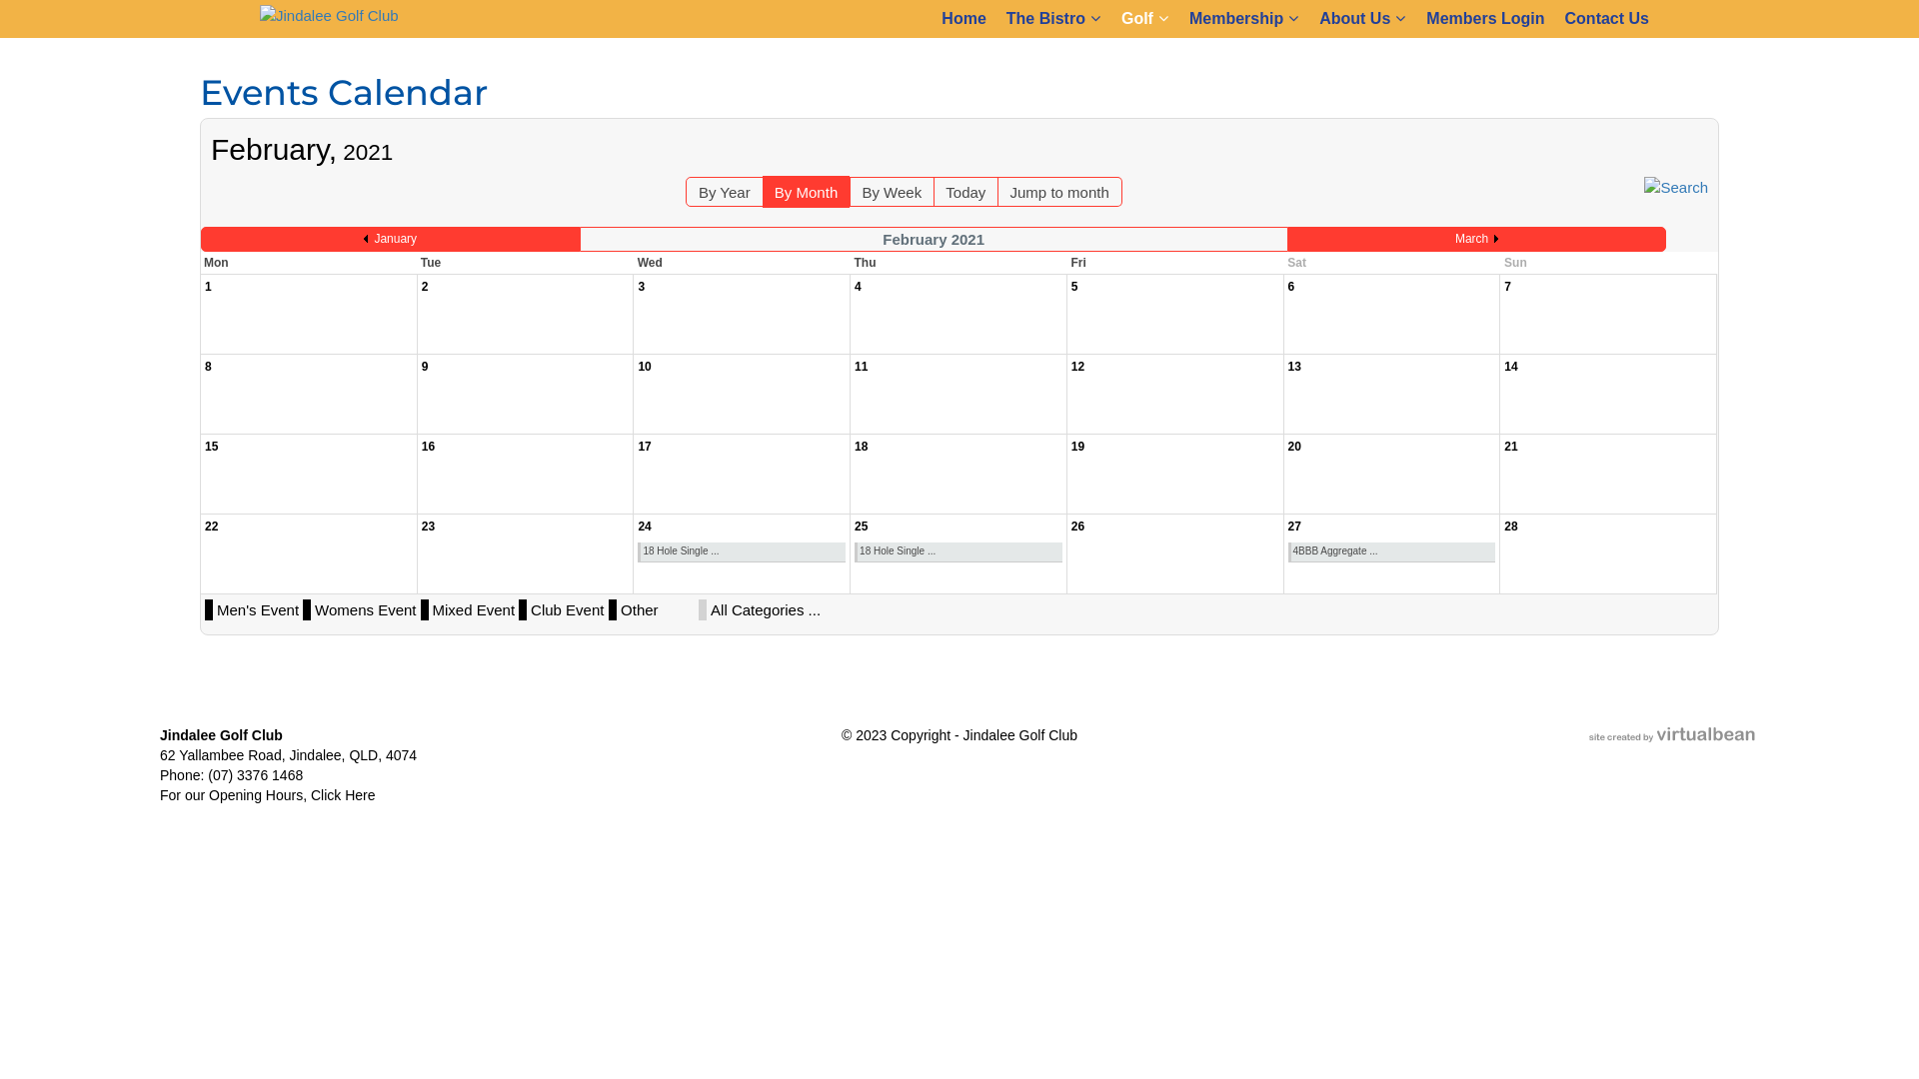  What do you see at coordinates (644, 526) in the screenshot?
I see `'24'` at bounding box center [644, 526].